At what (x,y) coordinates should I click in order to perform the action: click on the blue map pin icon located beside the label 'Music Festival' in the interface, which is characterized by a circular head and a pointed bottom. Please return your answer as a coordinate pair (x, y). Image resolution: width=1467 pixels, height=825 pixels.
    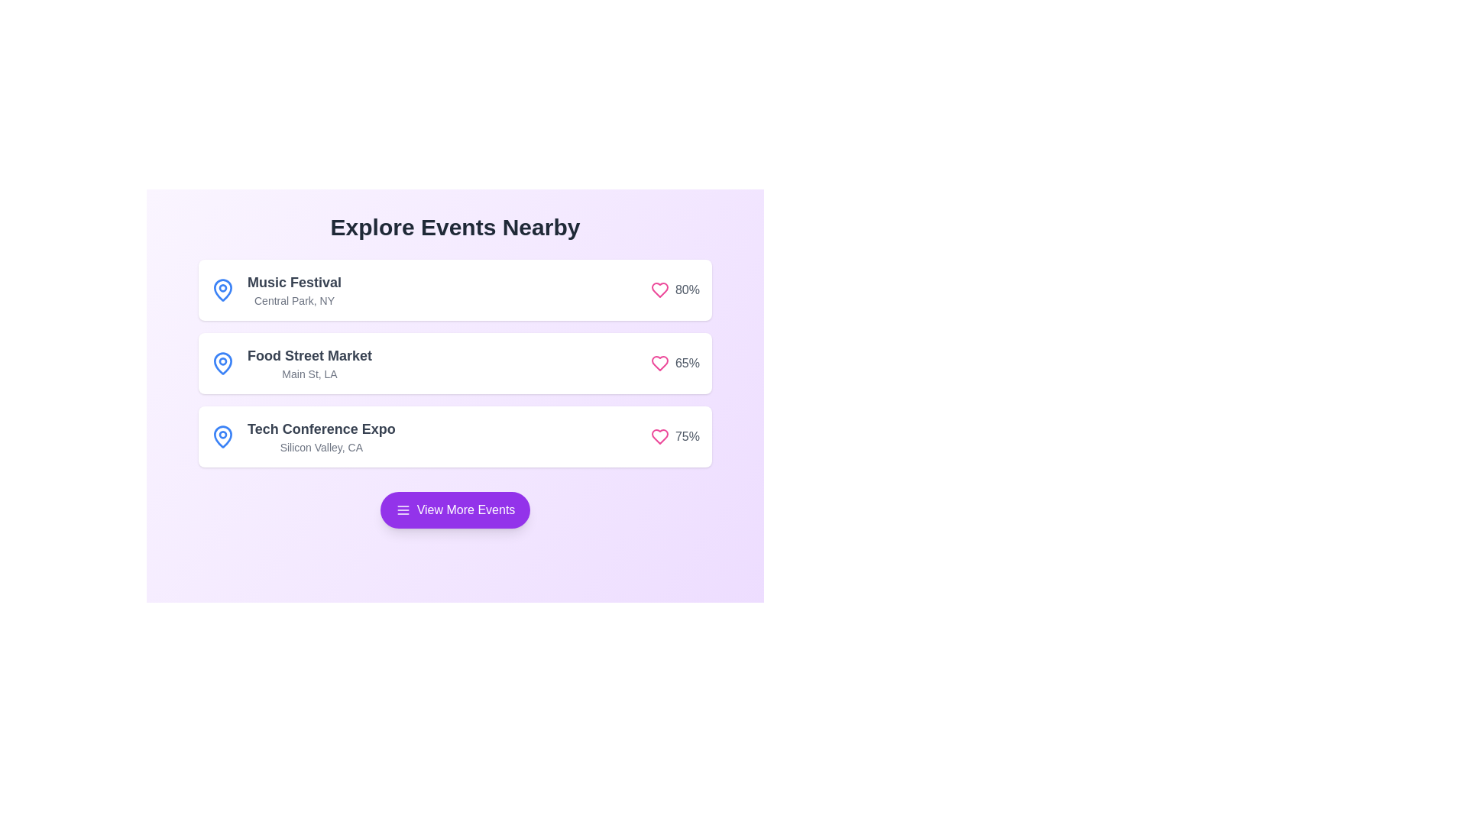
    Looking at the image, I should click on (222, 290).